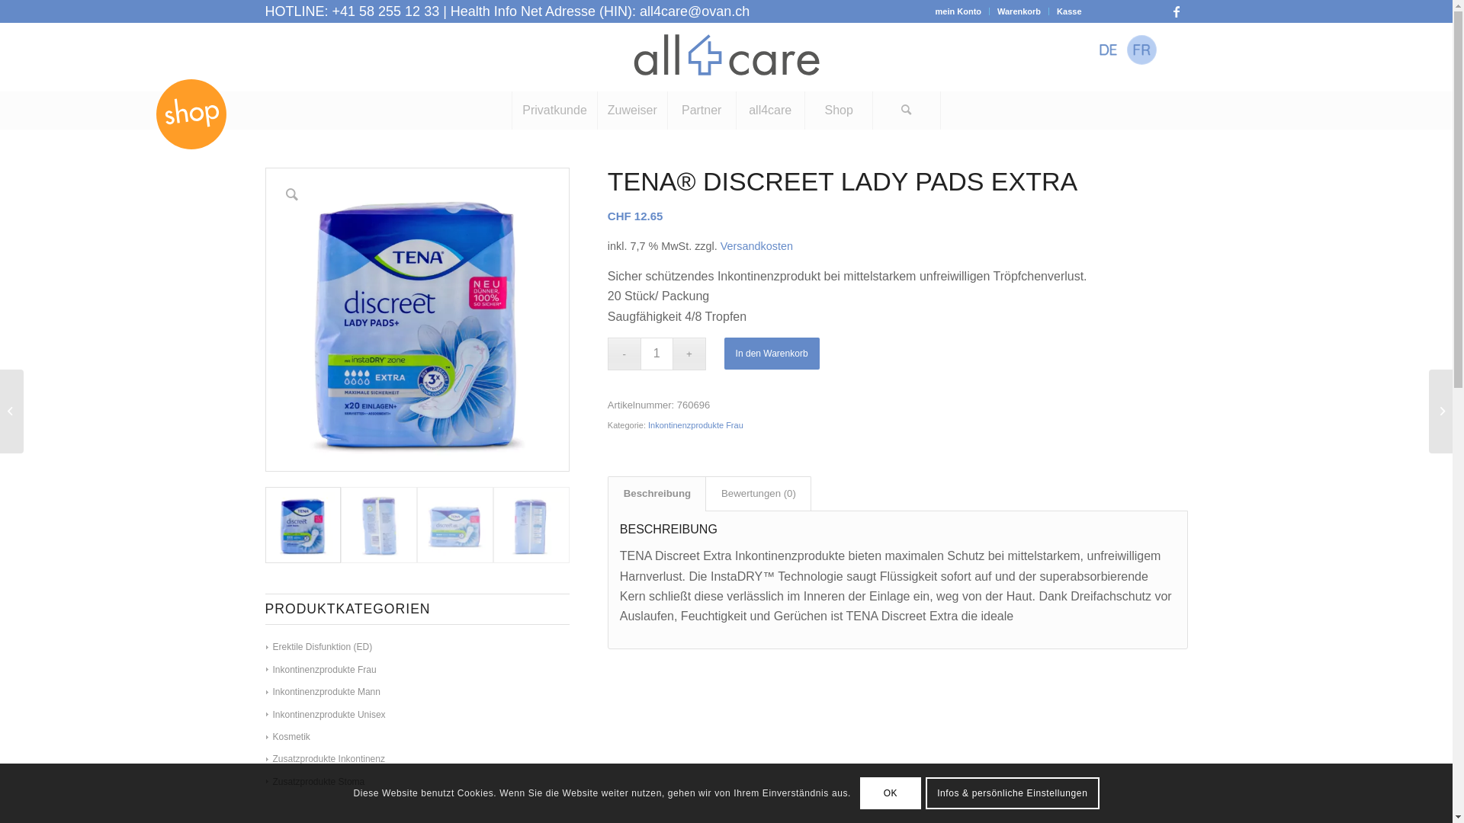 The height and width of the screenshot is (823, 1464). What do you see at coordinates (701, 110) in the screenshot?
I see `'Partner'` at bounding box center [701, 110].